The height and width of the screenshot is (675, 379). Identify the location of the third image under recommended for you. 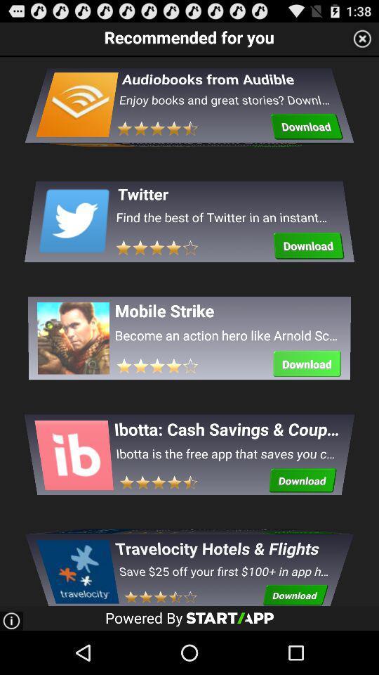
(77, 337).